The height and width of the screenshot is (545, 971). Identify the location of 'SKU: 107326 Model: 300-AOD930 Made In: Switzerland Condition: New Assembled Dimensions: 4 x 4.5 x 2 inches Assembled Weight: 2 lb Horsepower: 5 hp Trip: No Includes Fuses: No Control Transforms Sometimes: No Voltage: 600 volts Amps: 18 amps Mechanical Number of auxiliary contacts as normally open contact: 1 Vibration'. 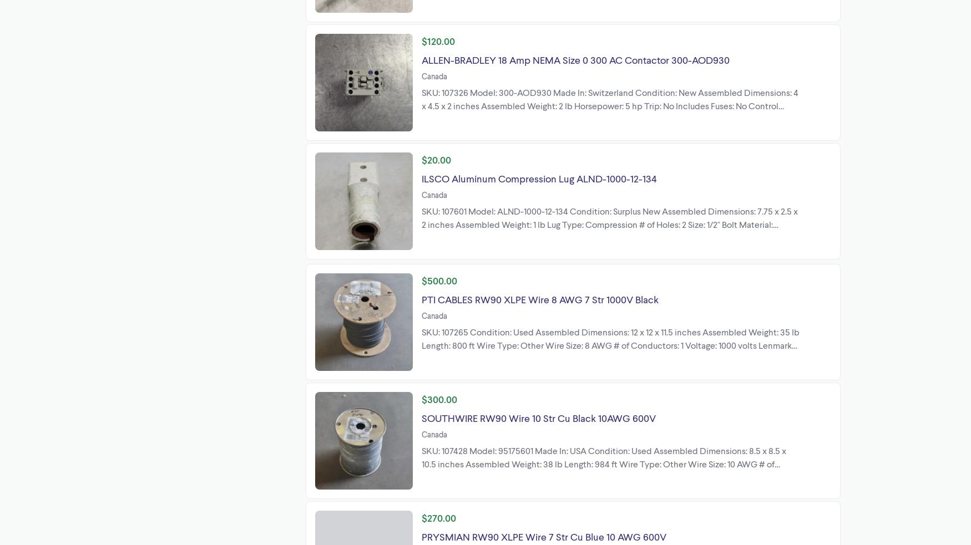
(421, 111).